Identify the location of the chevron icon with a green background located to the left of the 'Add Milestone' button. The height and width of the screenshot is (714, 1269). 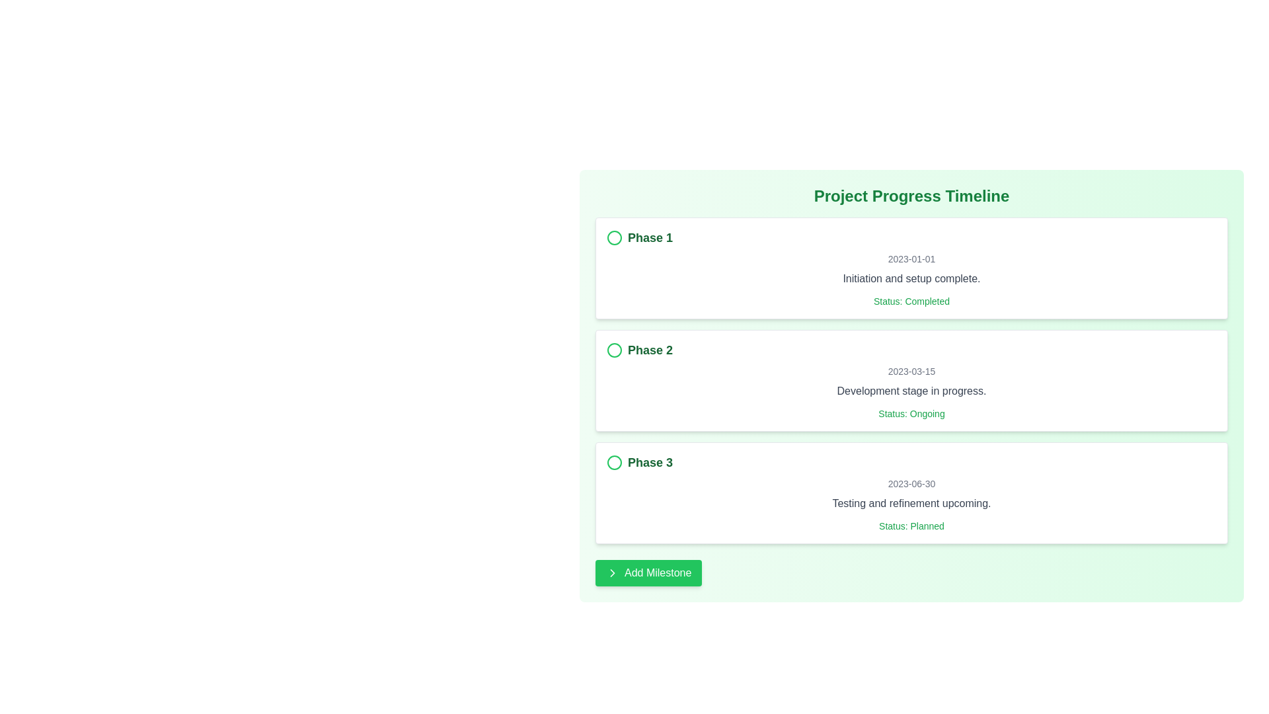
(611, 573).